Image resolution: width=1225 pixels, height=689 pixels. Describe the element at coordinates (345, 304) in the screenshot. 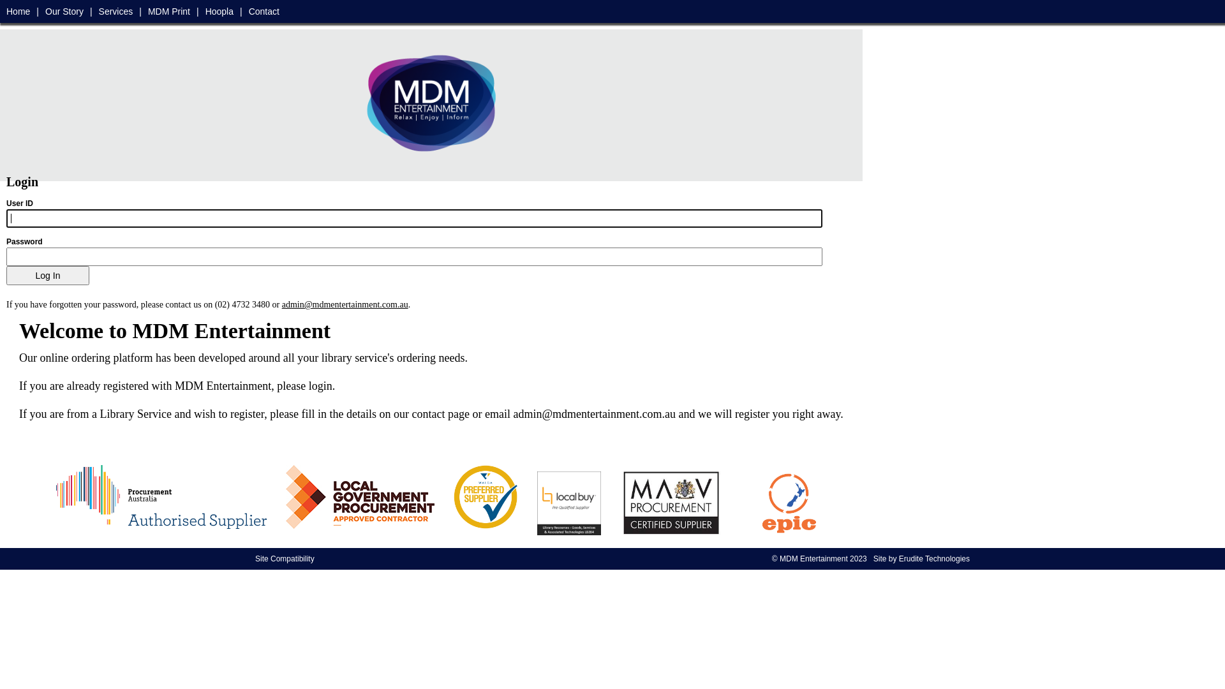

I see `'admin@mdmentertainment.com.au'` at that location.